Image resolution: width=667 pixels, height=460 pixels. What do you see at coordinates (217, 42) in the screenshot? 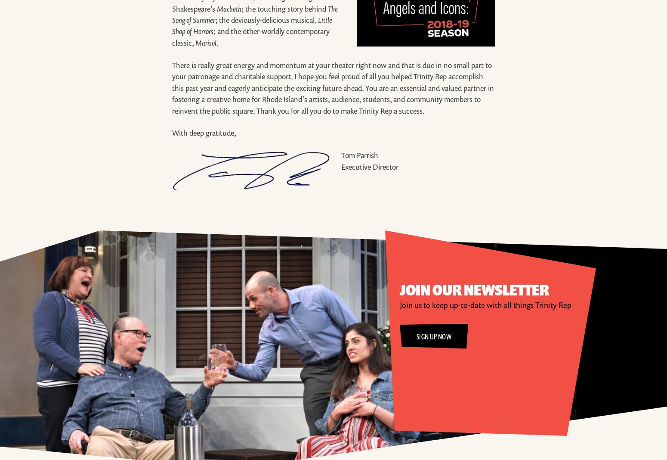
I see `'.'` at bounding box center [217, 42].